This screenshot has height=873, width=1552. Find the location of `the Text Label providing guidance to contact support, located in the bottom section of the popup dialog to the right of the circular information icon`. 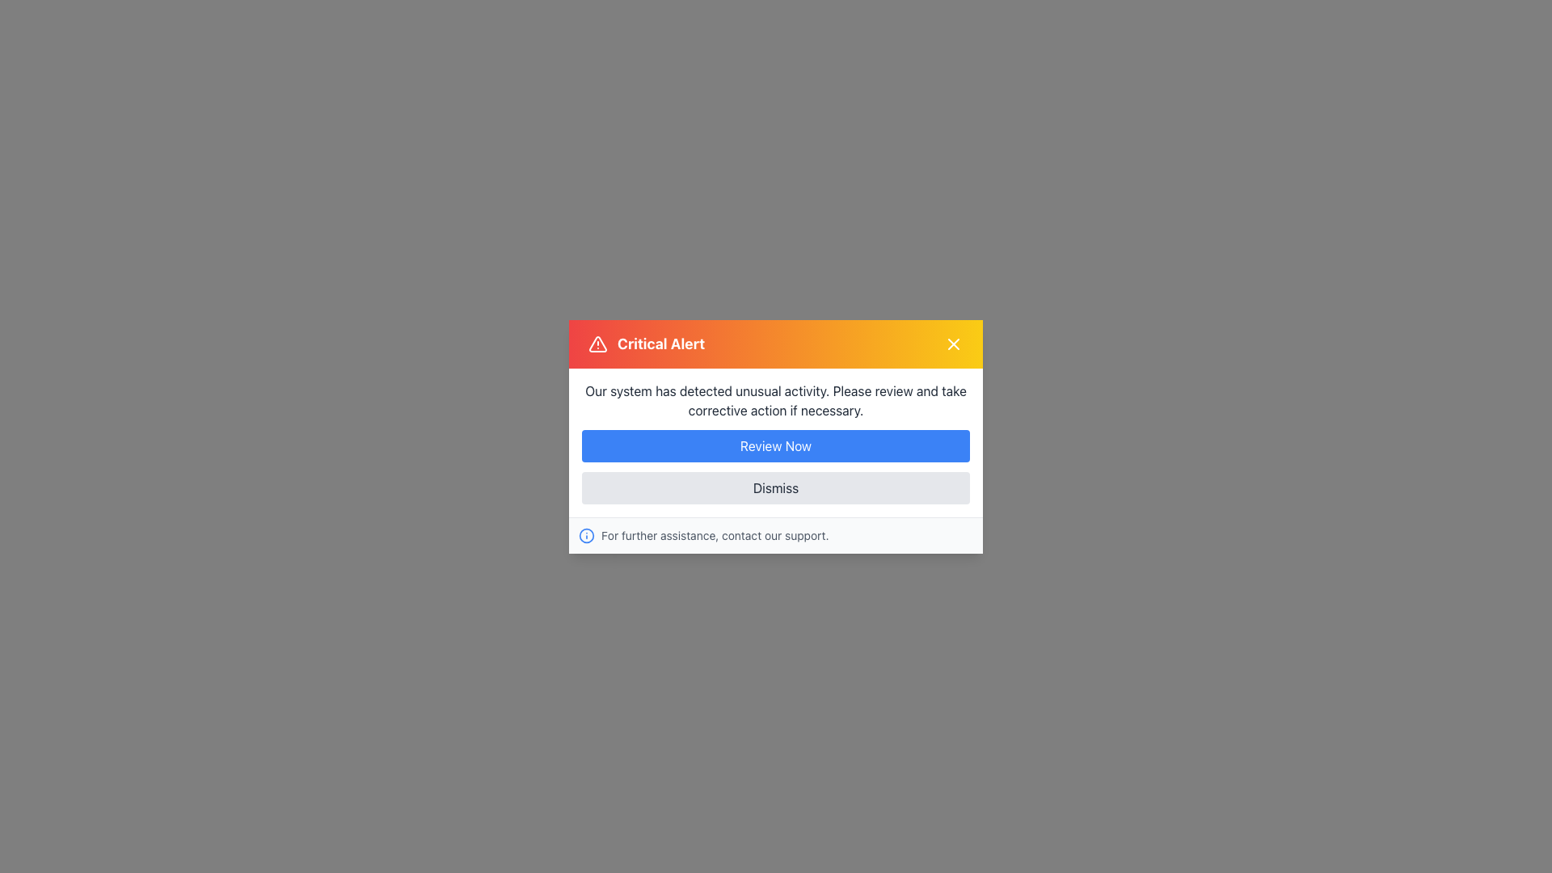

the Text Label providing guidance to contact support, located in the bottom section of the popup dialog to the right of the circular information icon is located at coordinates (714, 535).